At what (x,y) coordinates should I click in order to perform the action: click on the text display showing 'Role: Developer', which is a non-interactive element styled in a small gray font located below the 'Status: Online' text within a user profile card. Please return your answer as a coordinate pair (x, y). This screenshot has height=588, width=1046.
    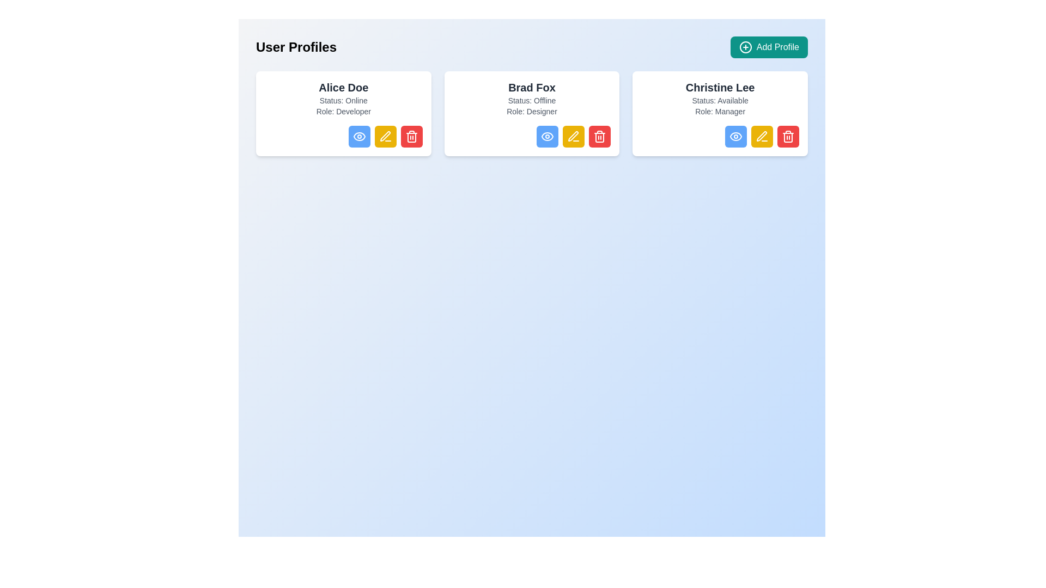
    Looking at the image, I should click on (343, 111).